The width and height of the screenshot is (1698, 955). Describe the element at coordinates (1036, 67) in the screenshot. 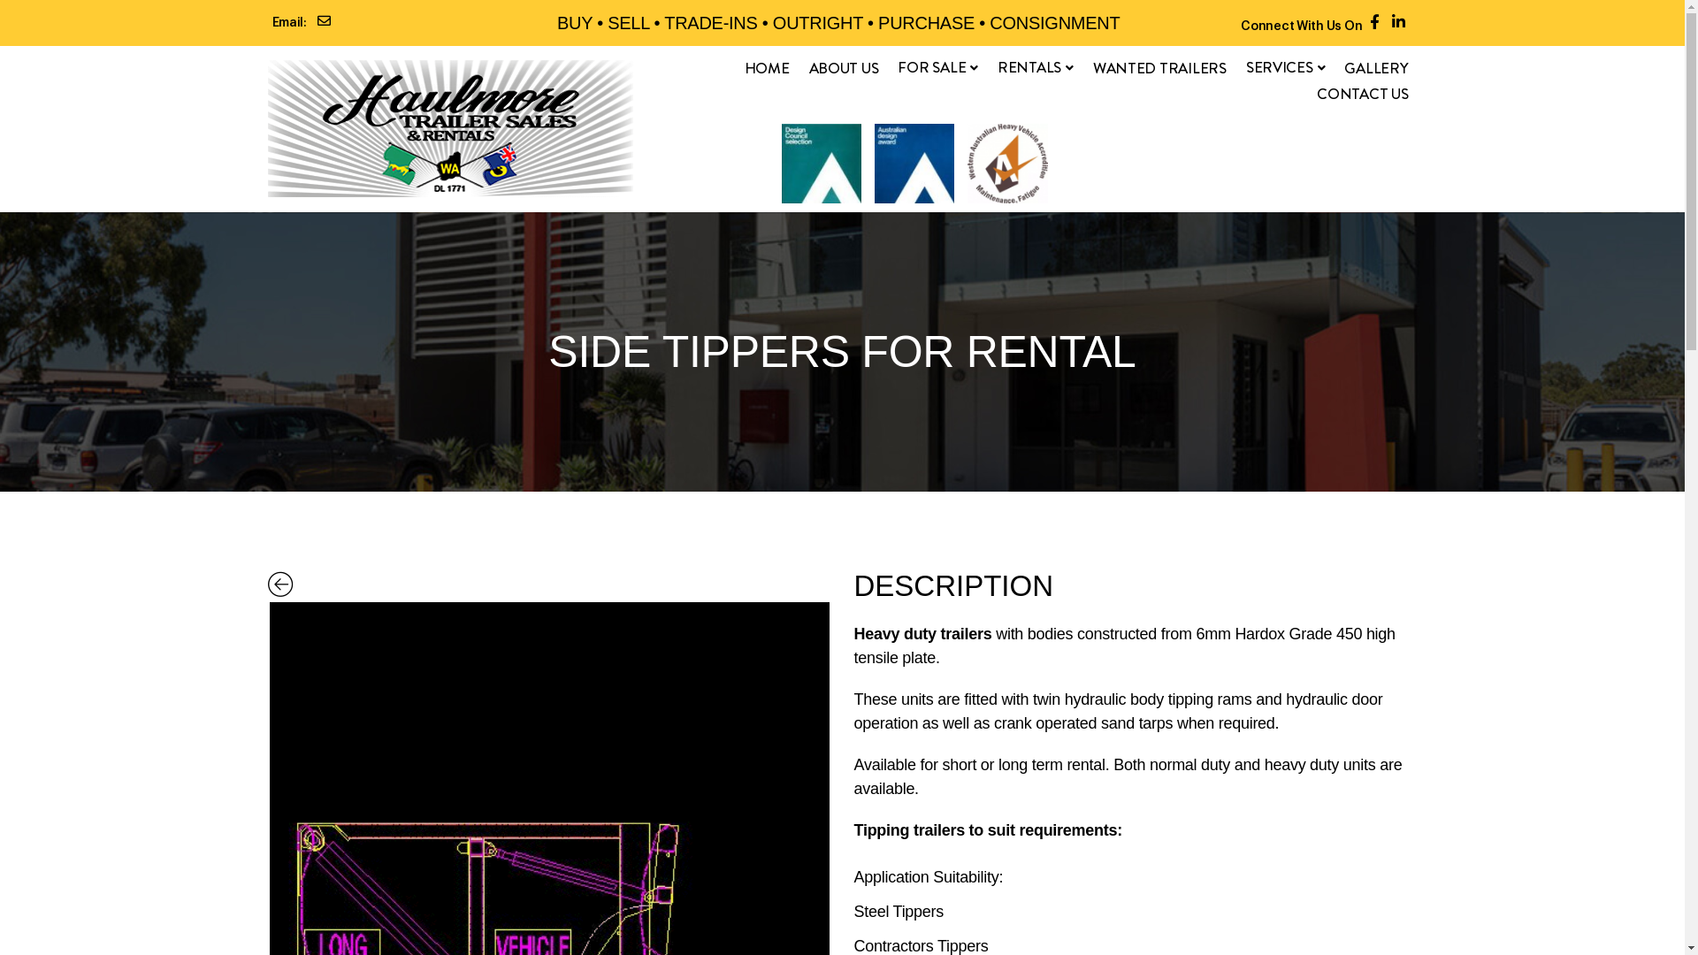

I see `'RENTALS'` at that location.